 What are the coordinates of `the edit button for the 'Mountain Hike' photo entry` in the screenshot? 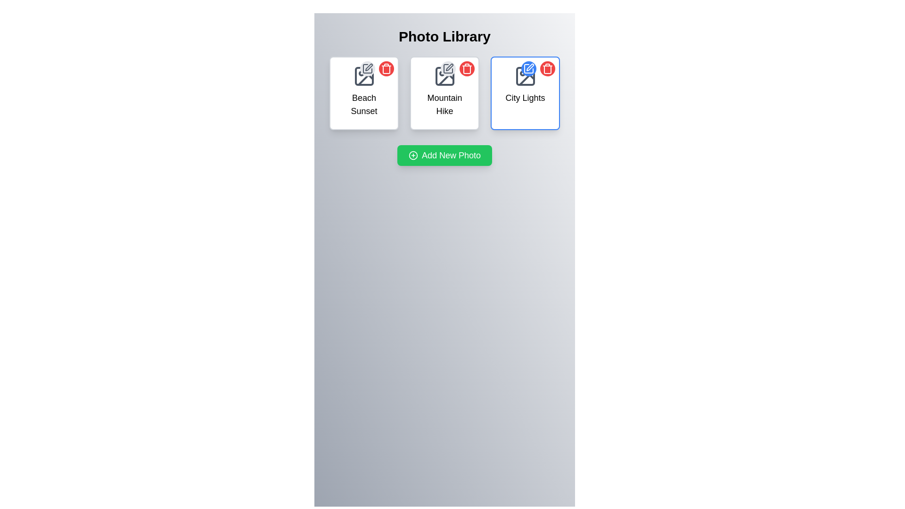 It's located at (447, 68).